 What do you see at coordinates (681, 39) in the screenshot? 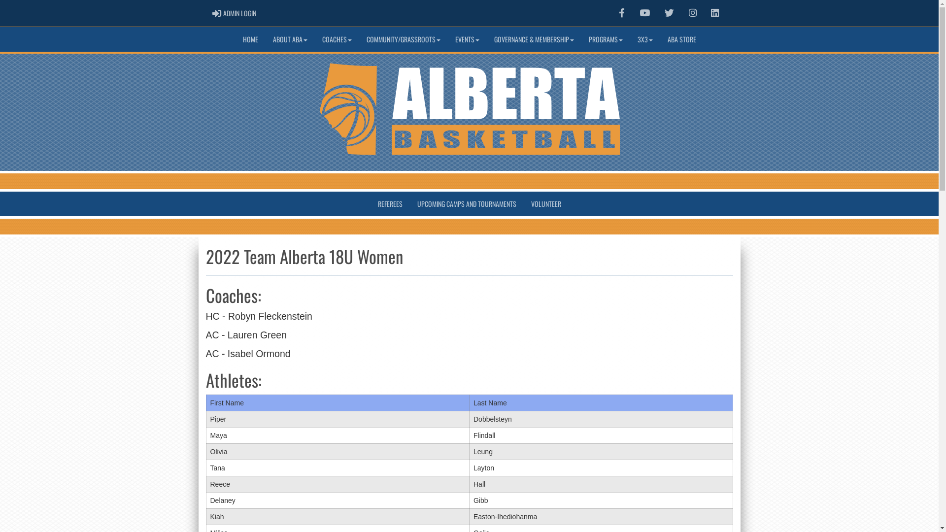
I see `'ABA STORE'` at bounding box center [681, 39].